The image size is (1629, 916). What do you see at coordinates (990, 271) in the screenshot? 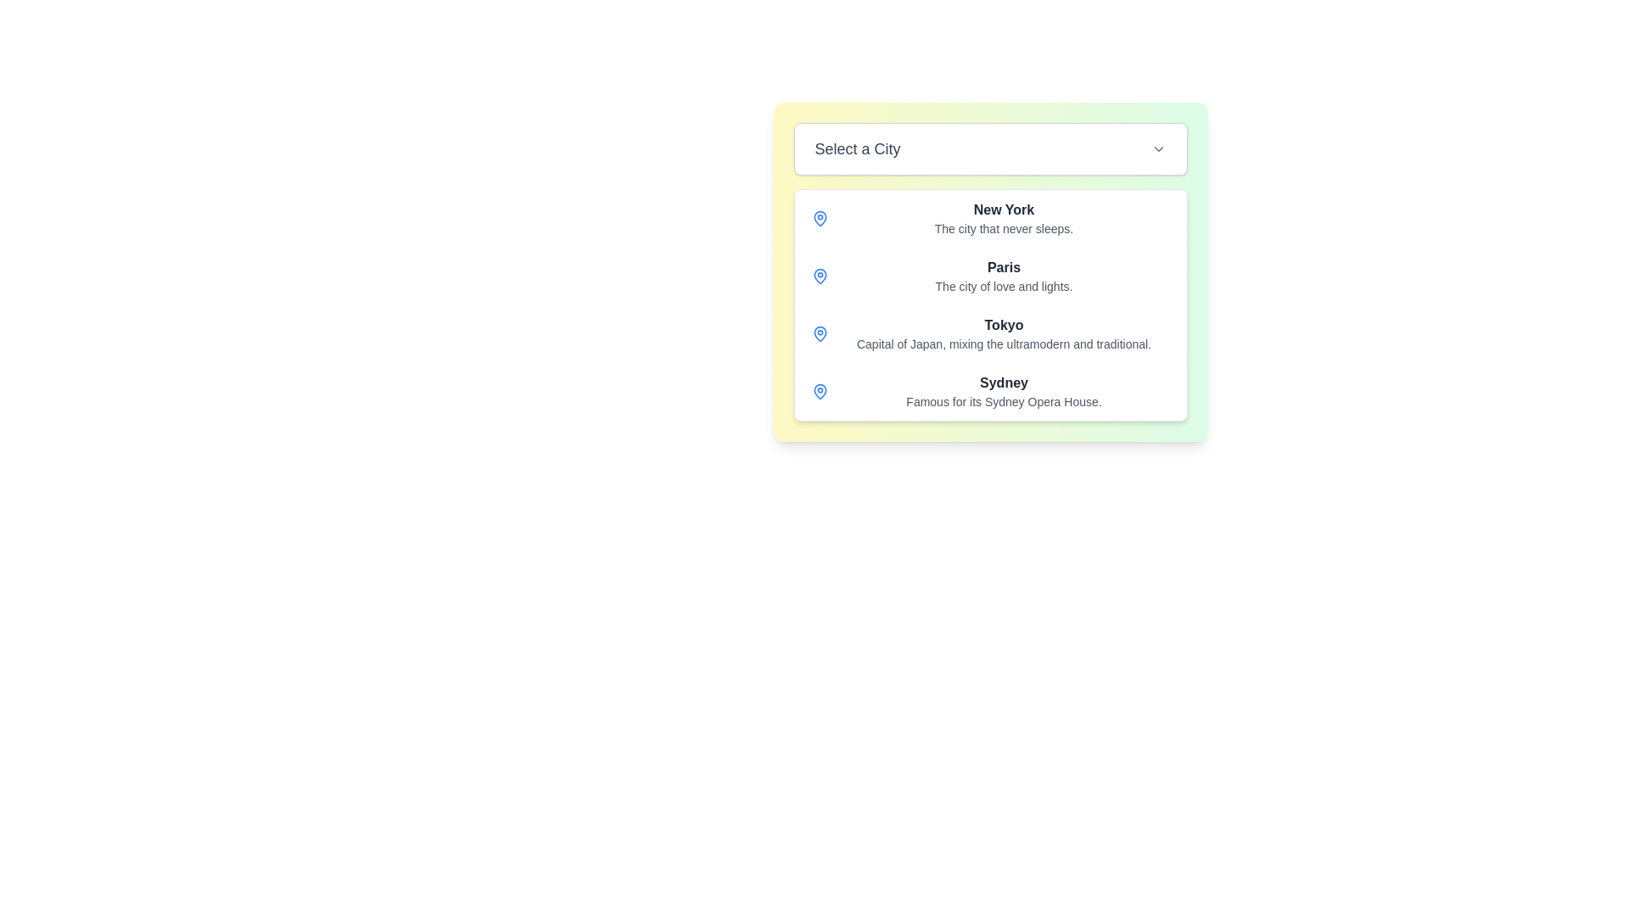
I see `the Dropdown menu displaying selectable city options, which features the text 'Select a City' and a down-arrow icon` at bounding box center [990, 271].